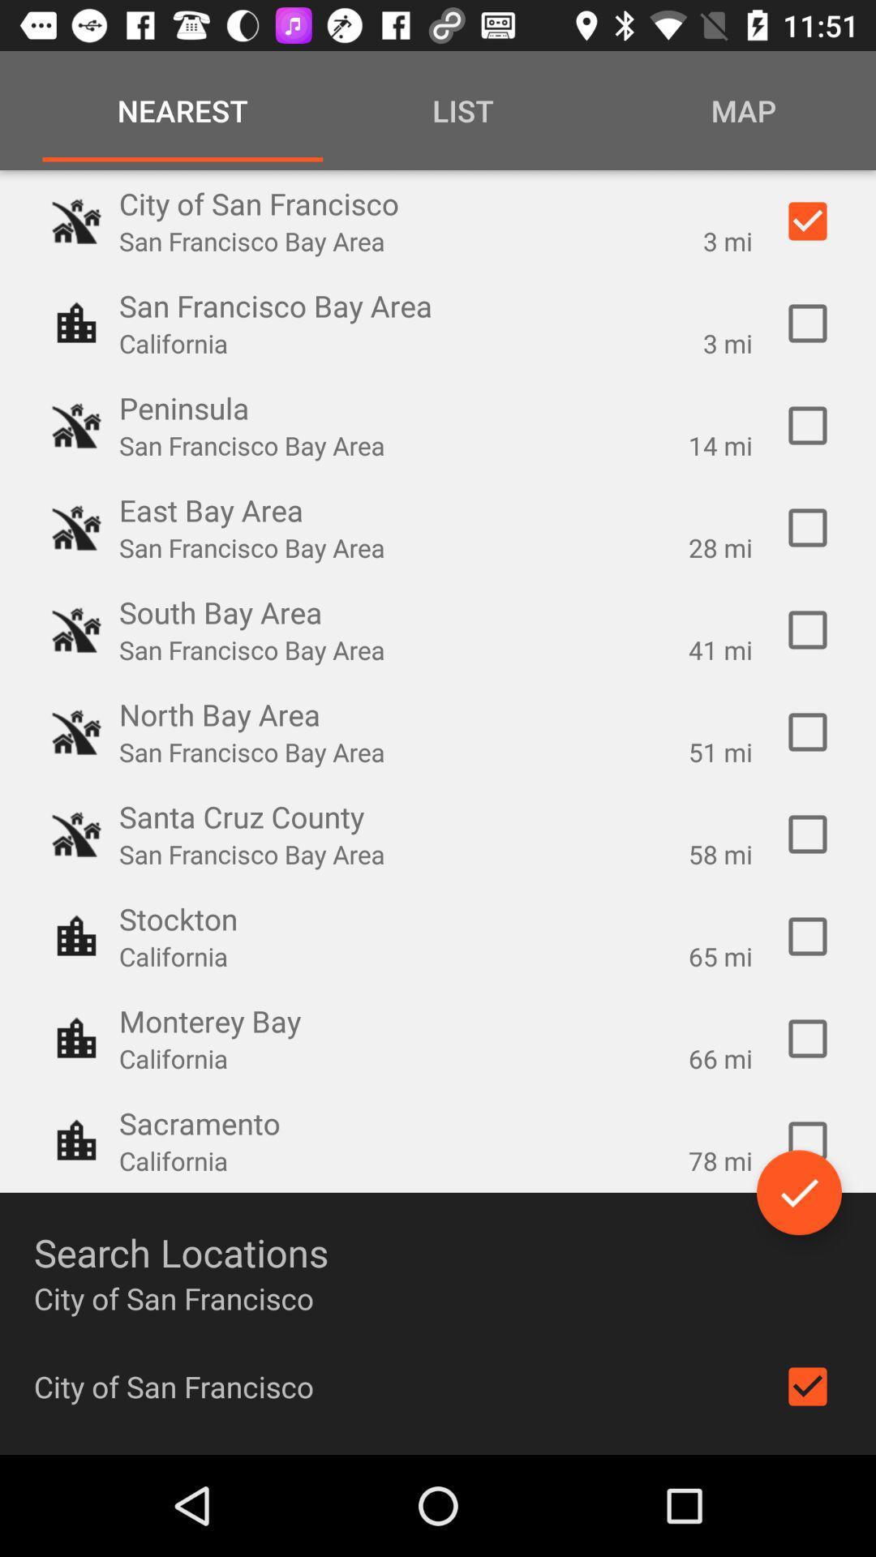 This screenshot has width=876, height=1557. Describe the element at coordinates (807, 1039) in the screenshot. I see `tick nearest city` at that location.